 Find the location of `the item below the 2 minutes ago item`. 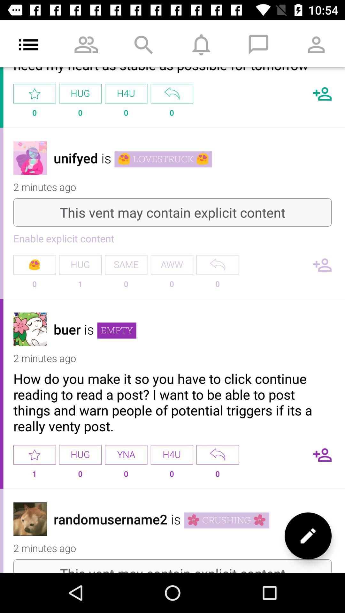

the item below the 2 minutes ago item is located at coordinates (172, 402).